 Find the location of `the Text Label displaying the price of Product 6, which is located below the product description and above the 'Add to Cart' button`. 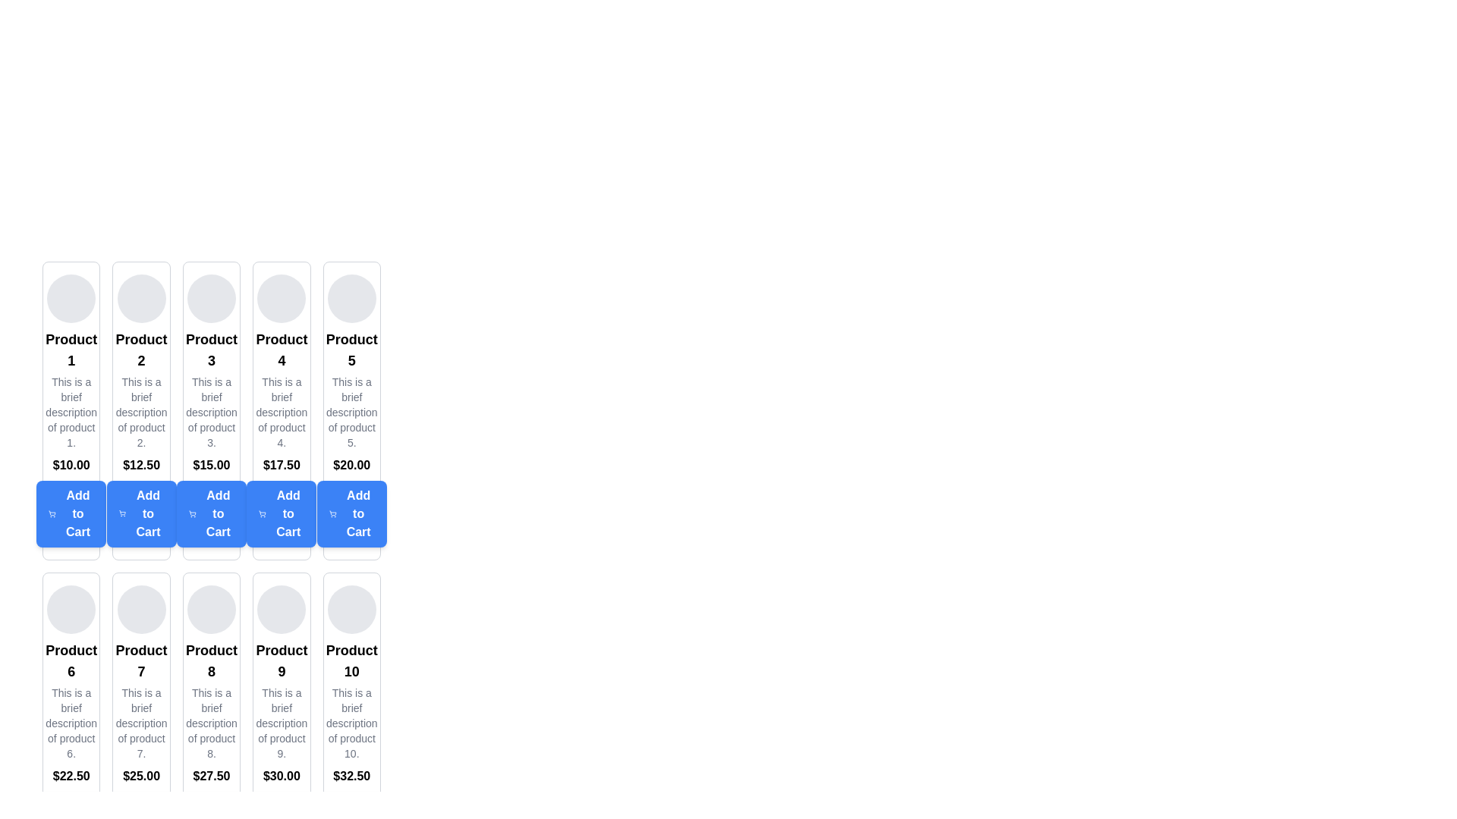

the Text Label displaying the price of Product 6, which is located below the product description and above the 'Add to Cart' button is located at coordinates (71, 776).